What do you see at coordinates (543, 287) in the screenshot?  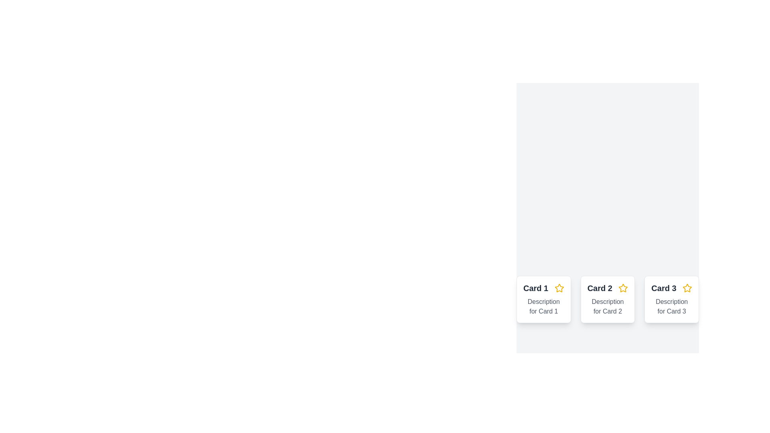 I see `the title section of 'Card 1', which includes bold text and a star icon, located at the top of the card` at bounding box center [543, 287].